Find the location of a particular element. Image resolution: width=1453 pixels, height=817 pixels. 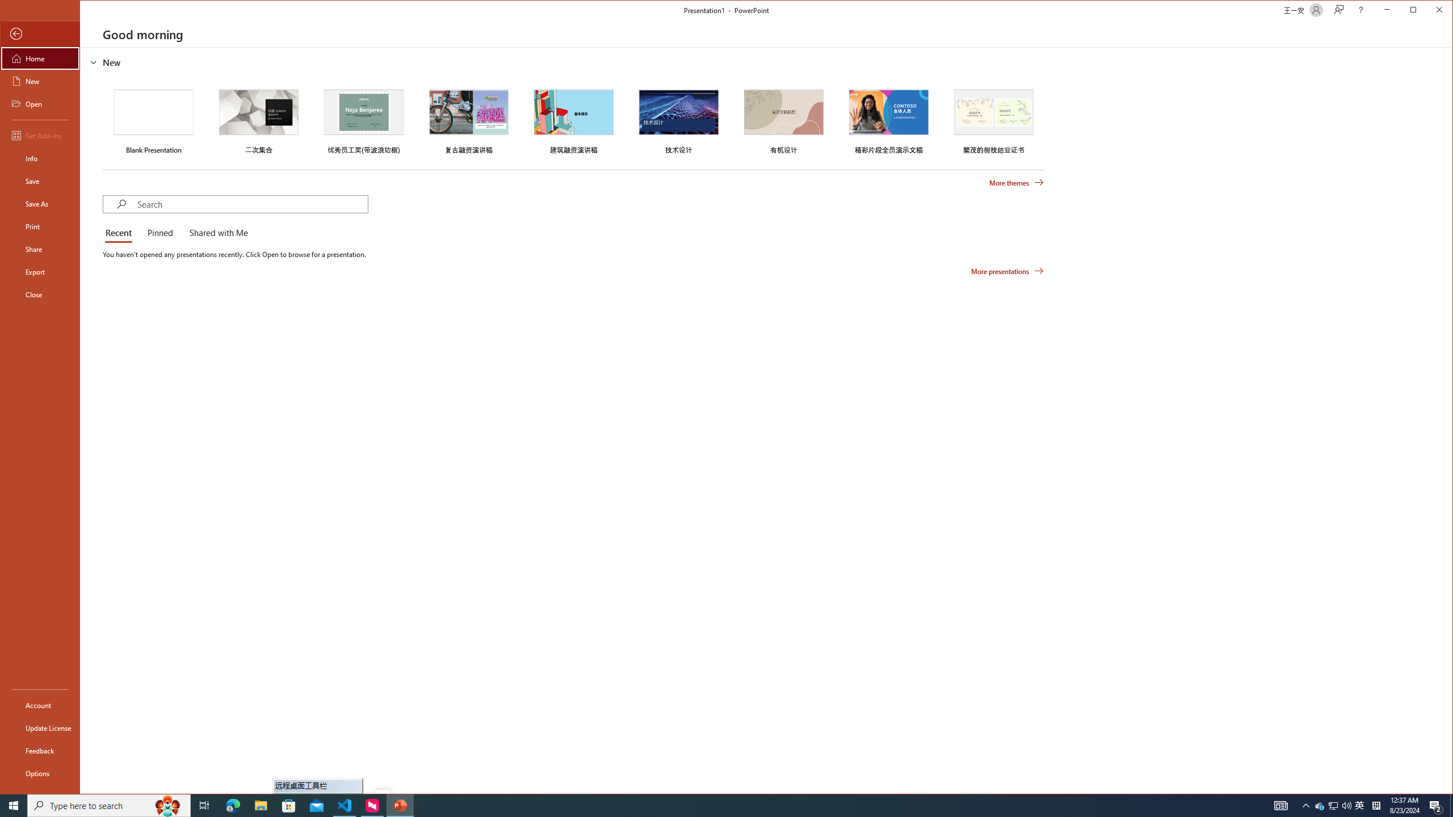

'Options' is located at coordinates (39, 773).